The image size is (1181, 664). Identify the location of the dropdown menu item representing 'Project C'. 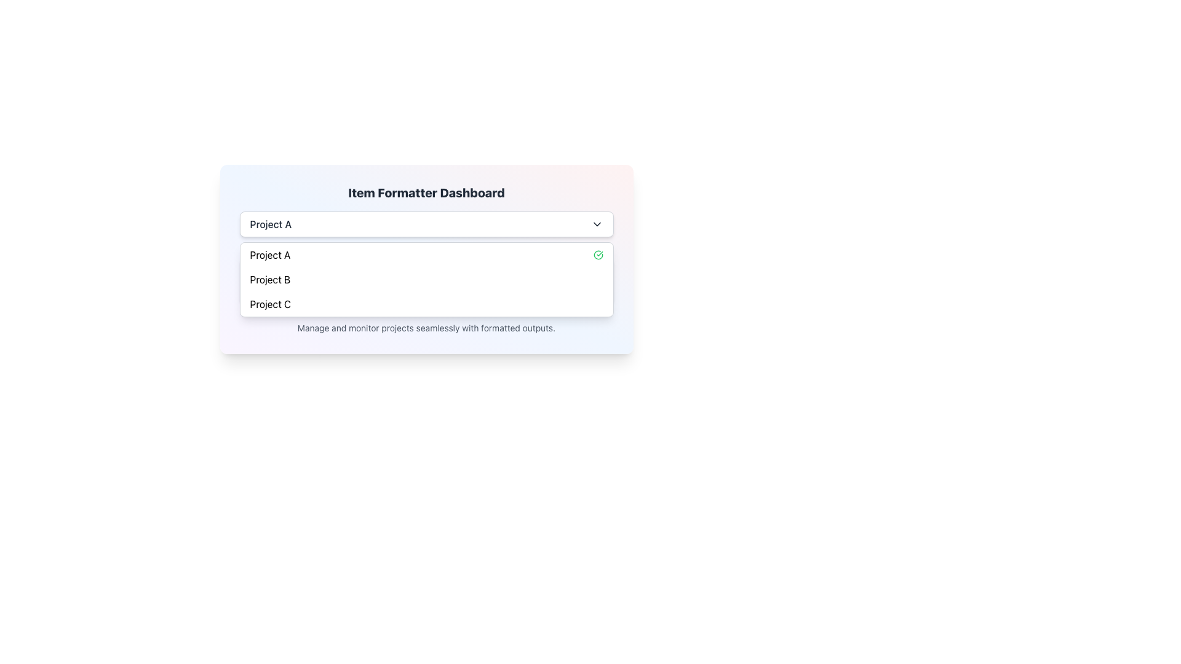
(269, 304).